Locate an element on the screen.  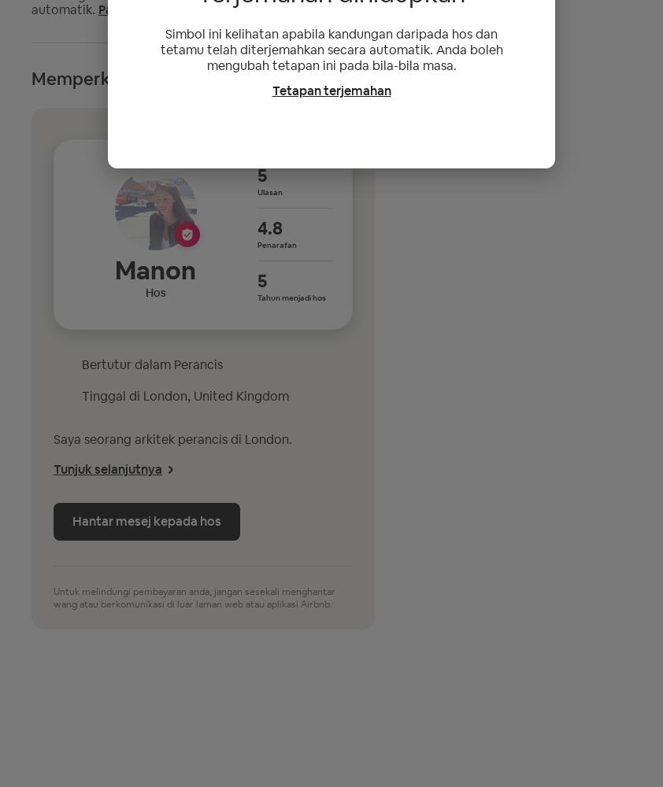
'4.8' is located at coordinates (269, 227).